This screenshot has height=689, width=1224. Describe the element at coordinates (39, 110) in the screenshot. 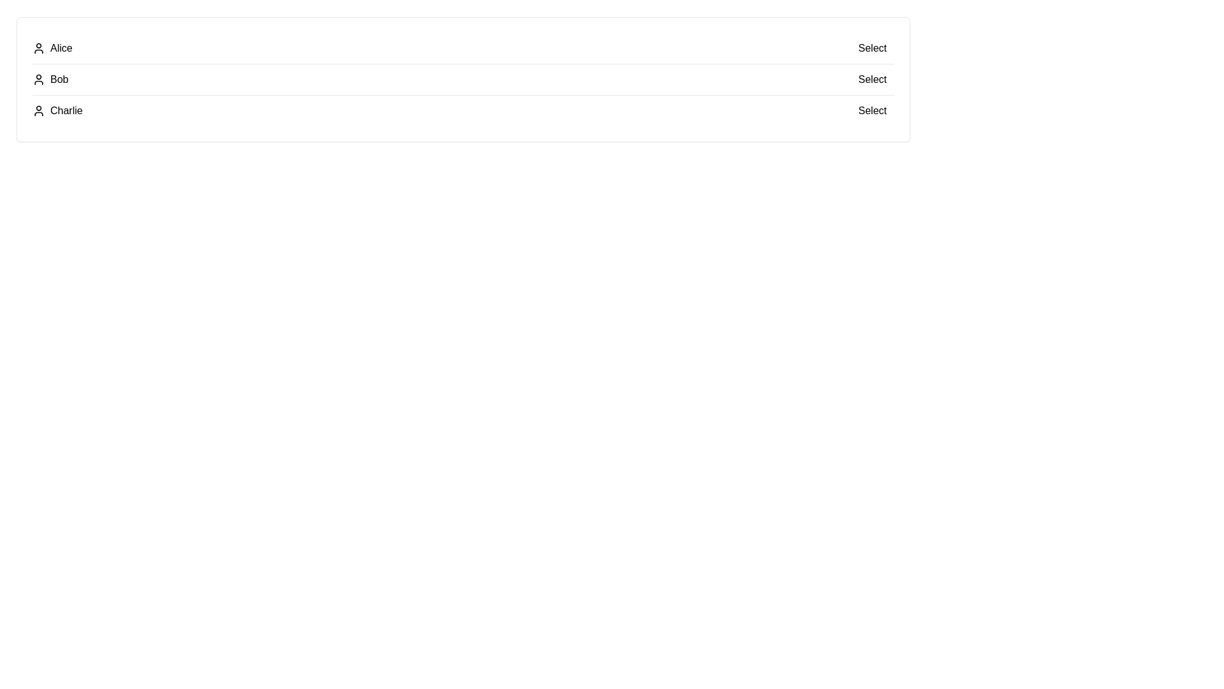

I see `the user icon corresponding to Charlie` at that location.